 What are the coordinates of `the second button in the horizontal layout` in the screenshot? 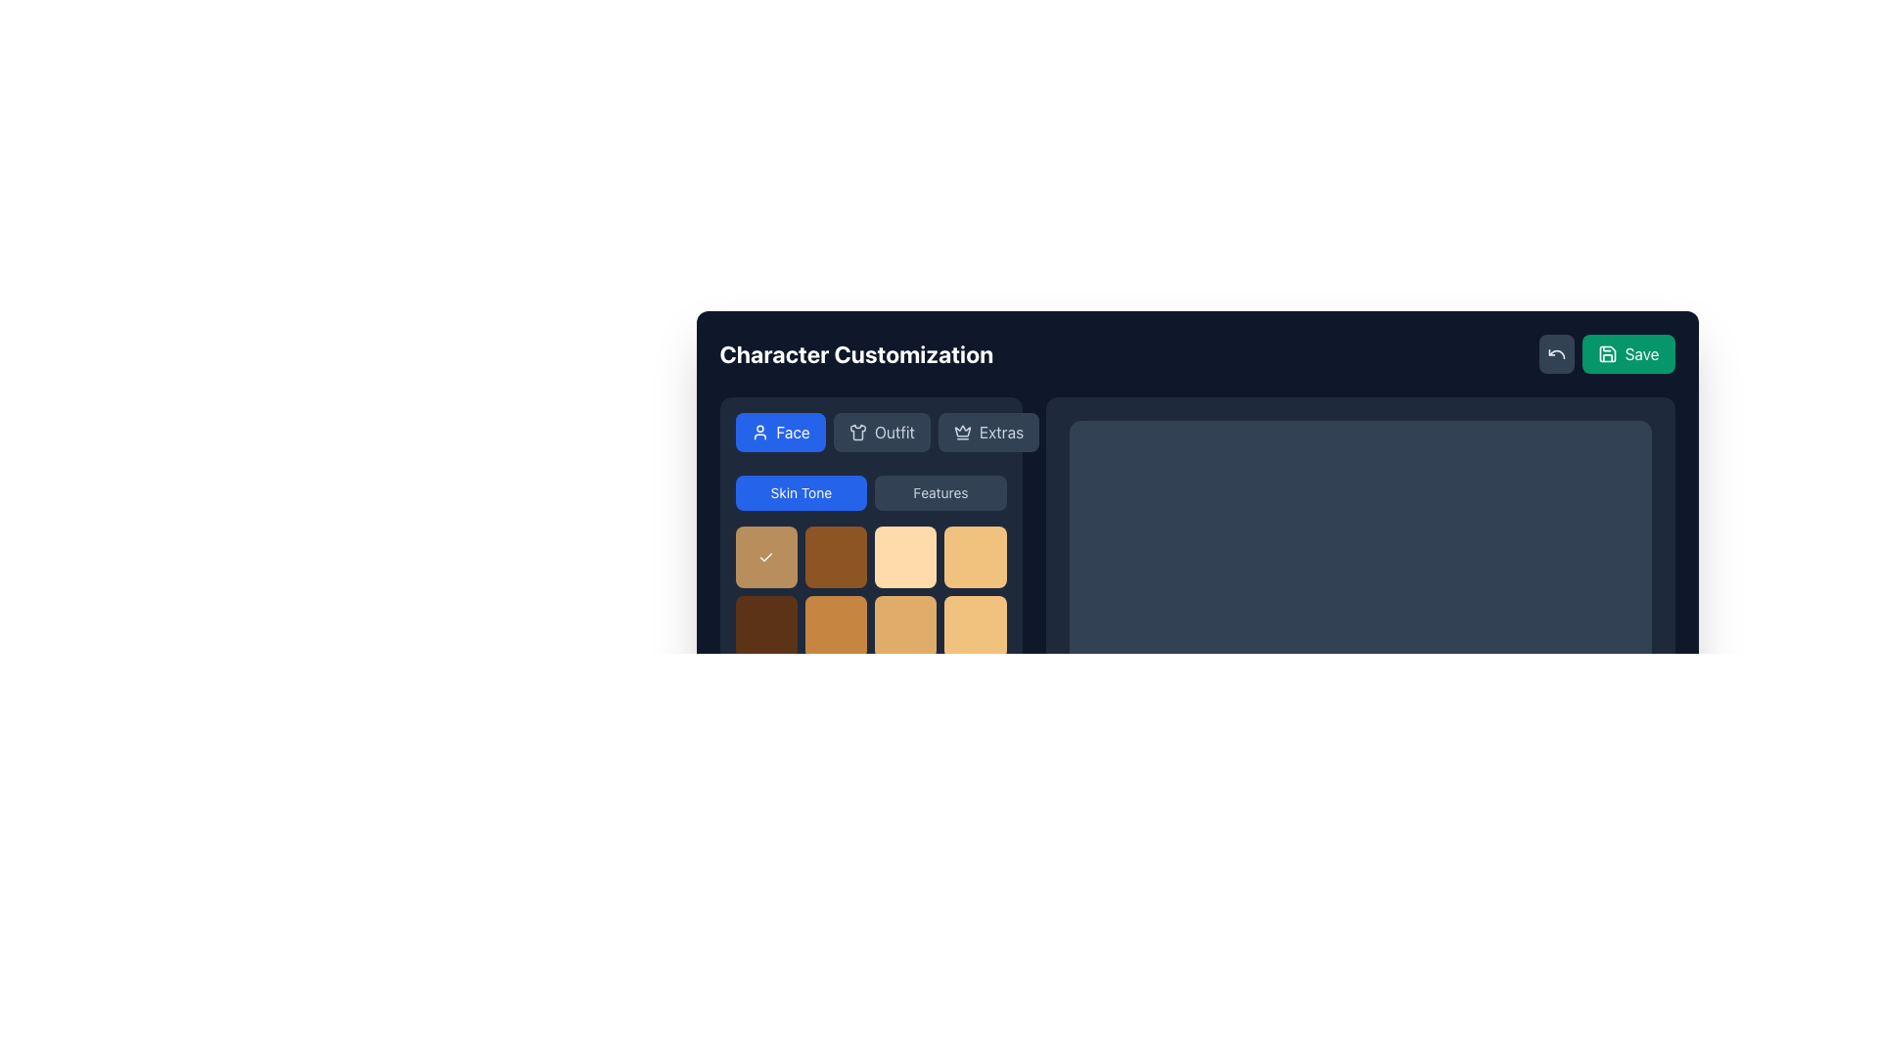 It's located at (1628, 354).